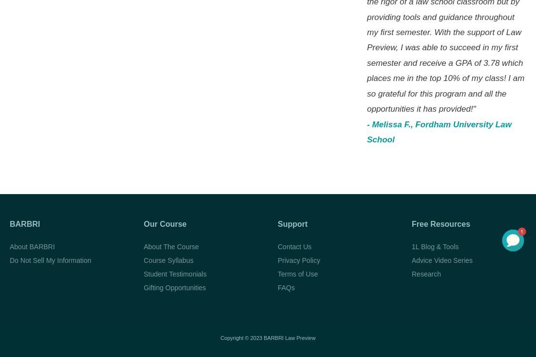 Image resolution: width=536 pixels, height=357 pixels. I want to click on 'Support', so click(292, 223).